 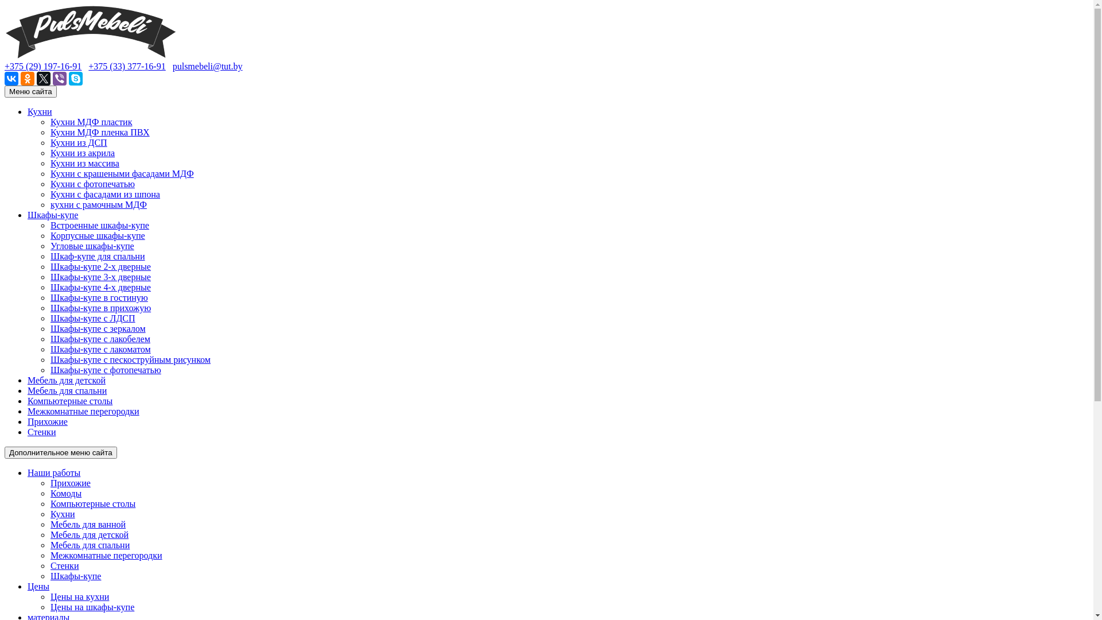 I want to click on '+375 (33) 377-16-91', so click(x=87, y=66).